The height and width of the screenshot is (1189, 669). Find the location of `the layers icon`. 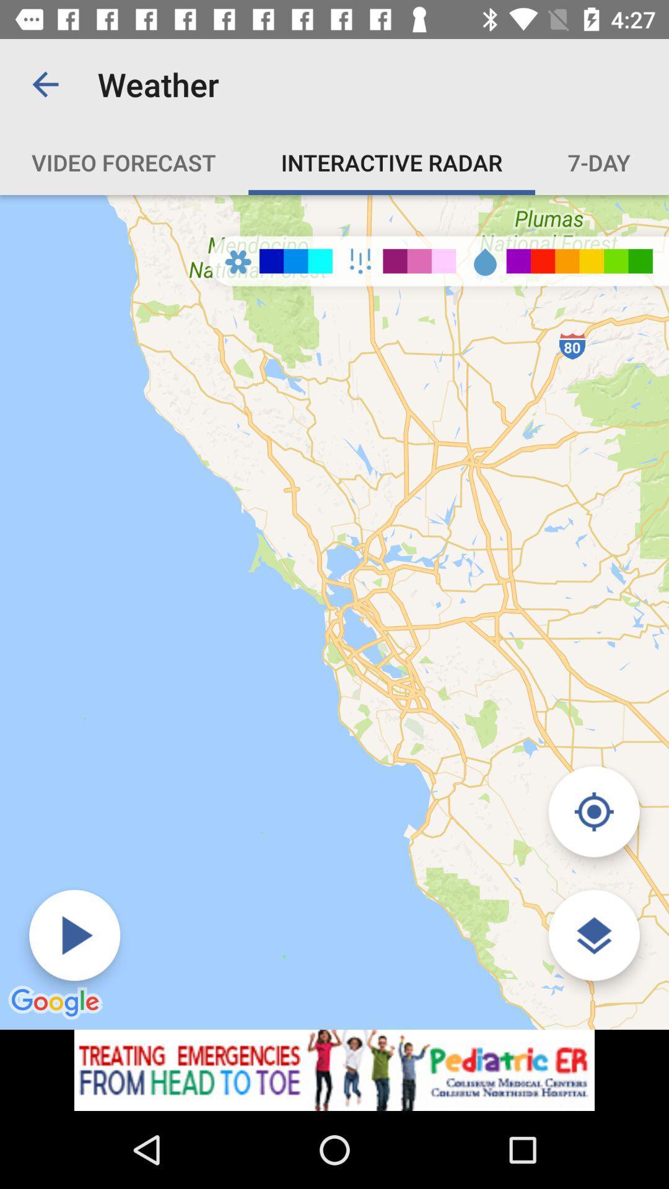

the layers icon is located at coordinates (593, 935).